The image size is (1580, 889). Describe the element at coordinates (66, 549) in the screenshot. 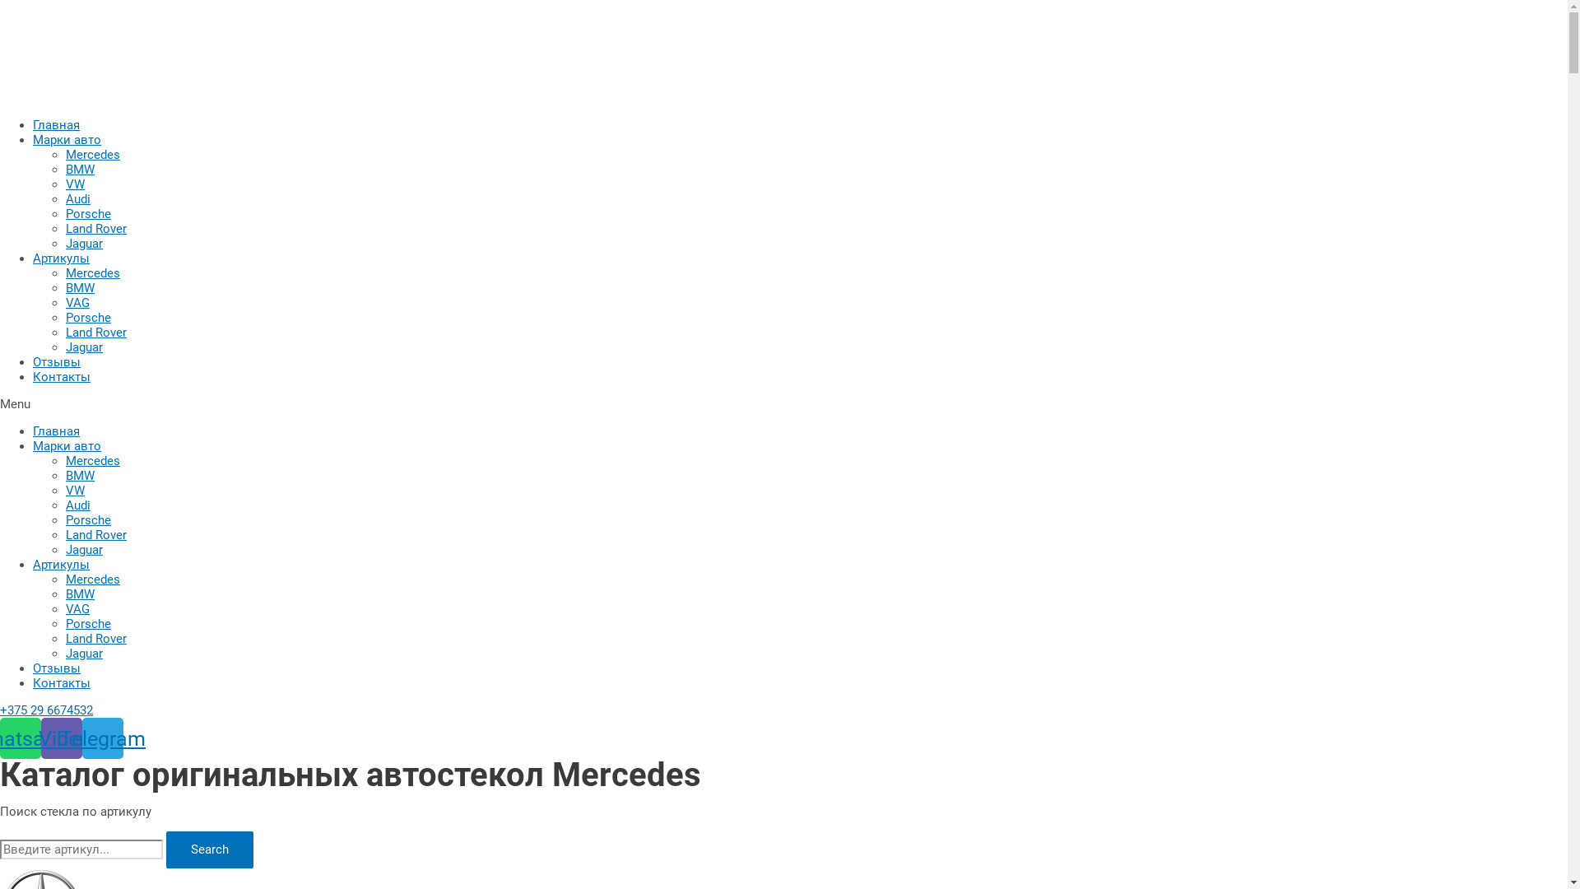

I see `'Jaguar'` at that location.